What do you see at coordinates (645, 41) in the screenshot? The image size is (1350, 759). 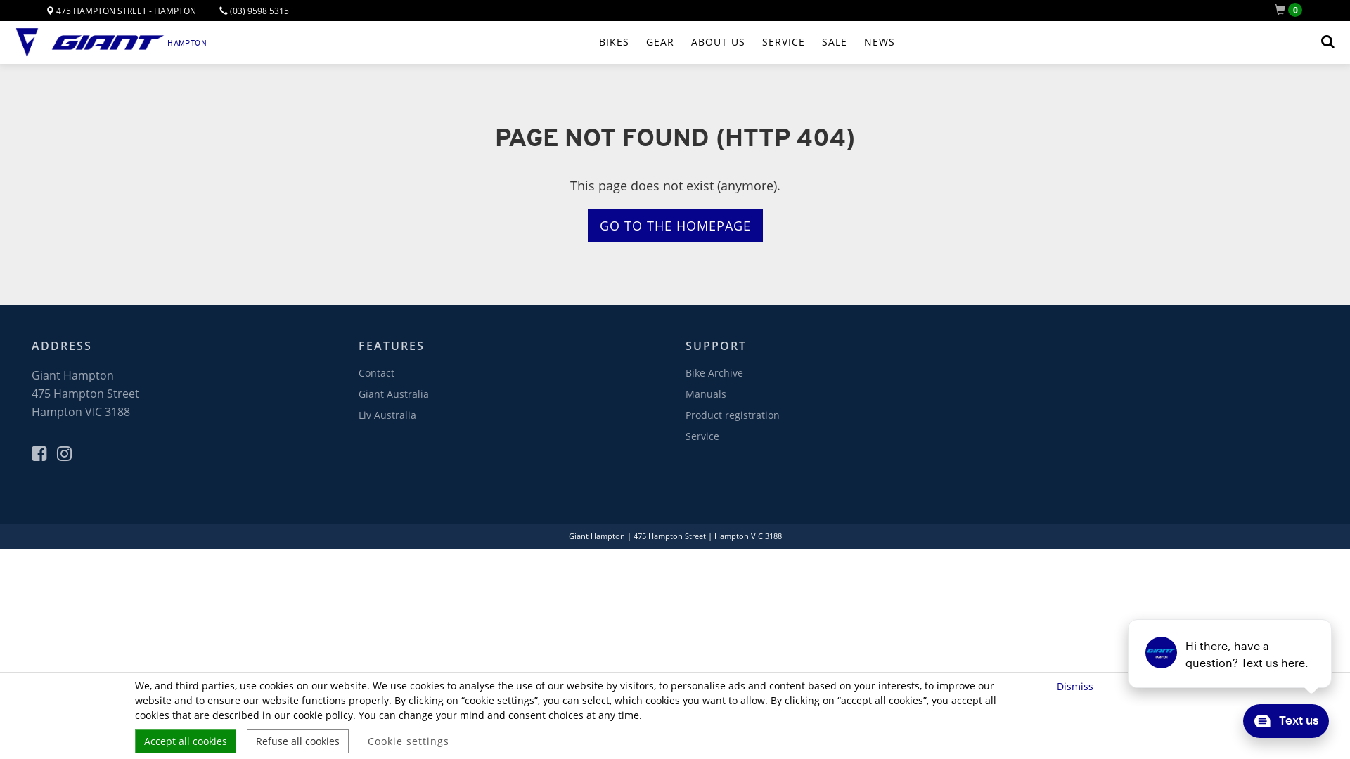 I see `'GEAR'` at bounding box center [645, 41].